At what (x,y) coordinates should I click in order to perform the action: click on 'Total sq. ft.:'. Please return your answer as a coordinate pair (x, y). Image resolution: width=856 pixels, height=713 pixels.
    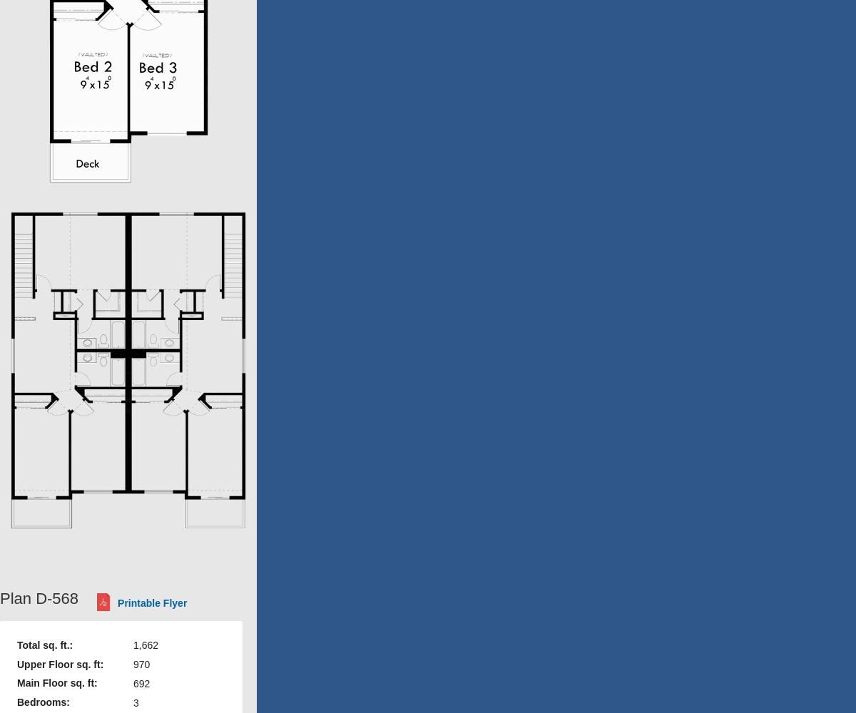
    Looking at the image, I should click on (45, 645).